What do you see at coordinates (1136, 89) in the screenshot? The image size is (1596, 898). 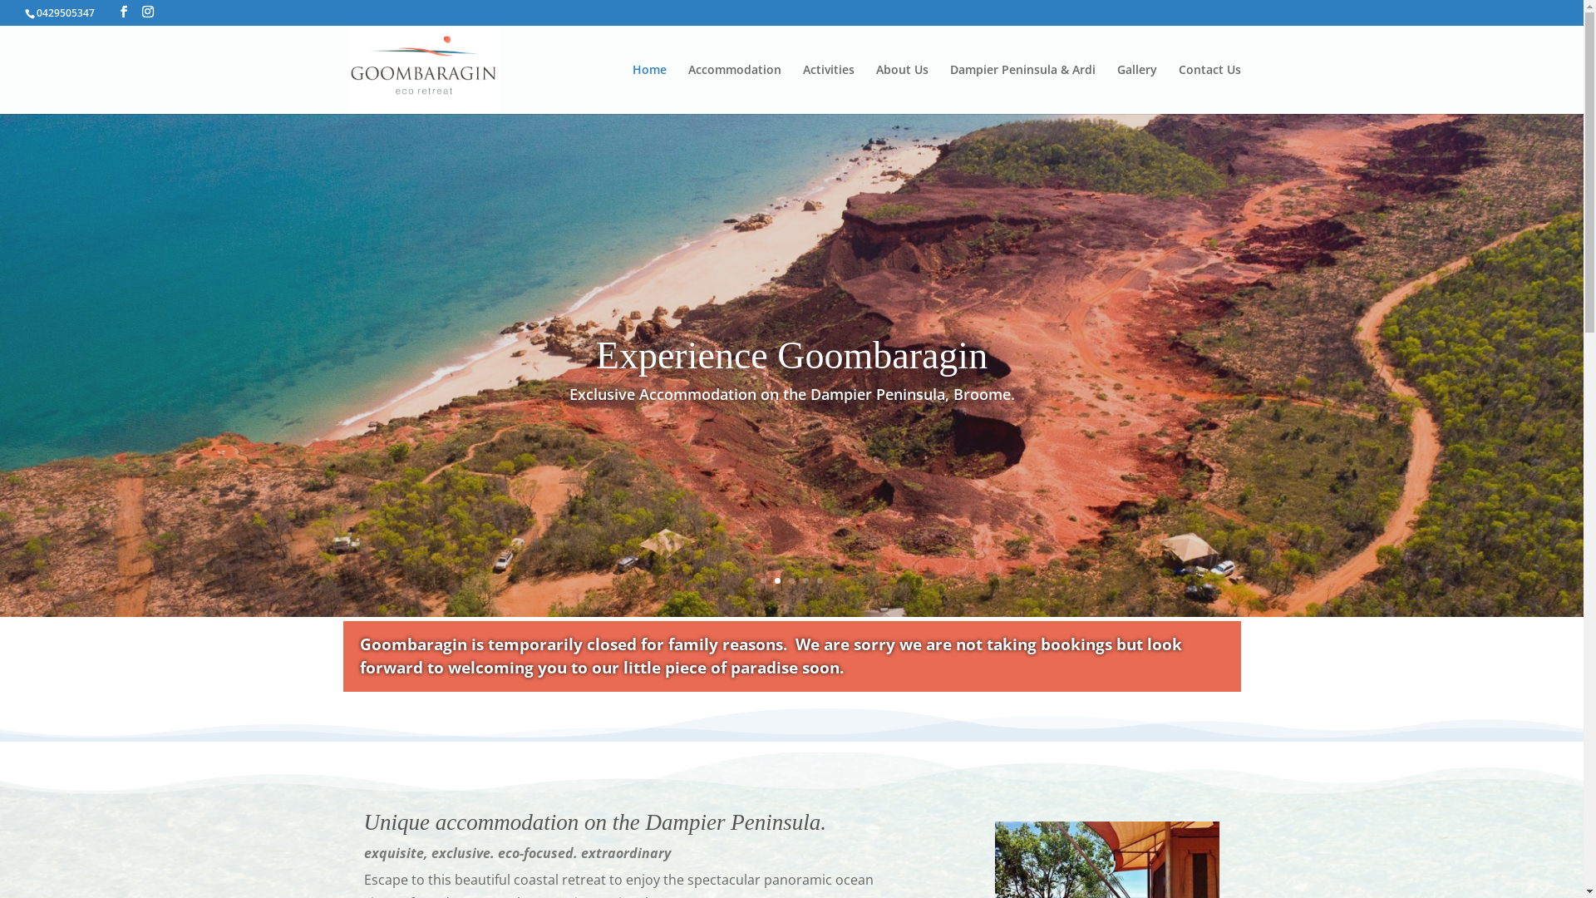 I see `'Gallery'` at bounding box center [1136, 89].